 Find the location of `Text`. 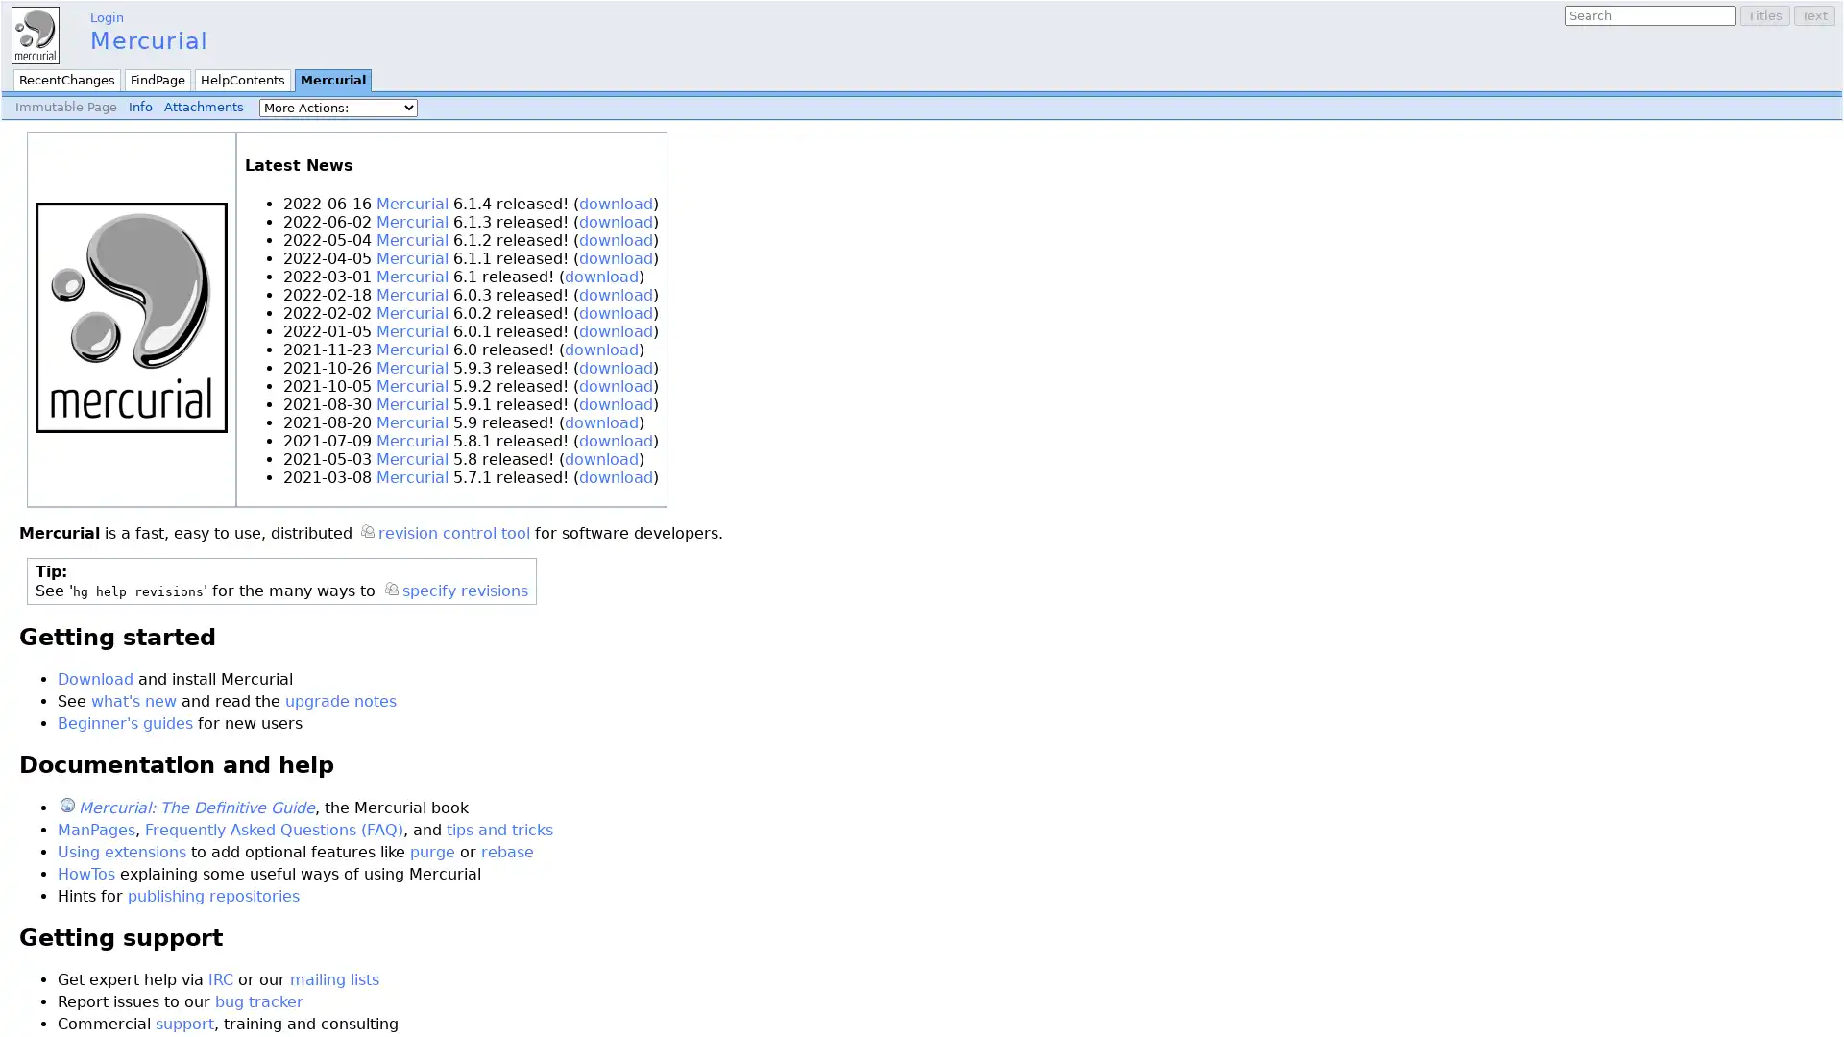

Text is located at coordinates (1813, 15).